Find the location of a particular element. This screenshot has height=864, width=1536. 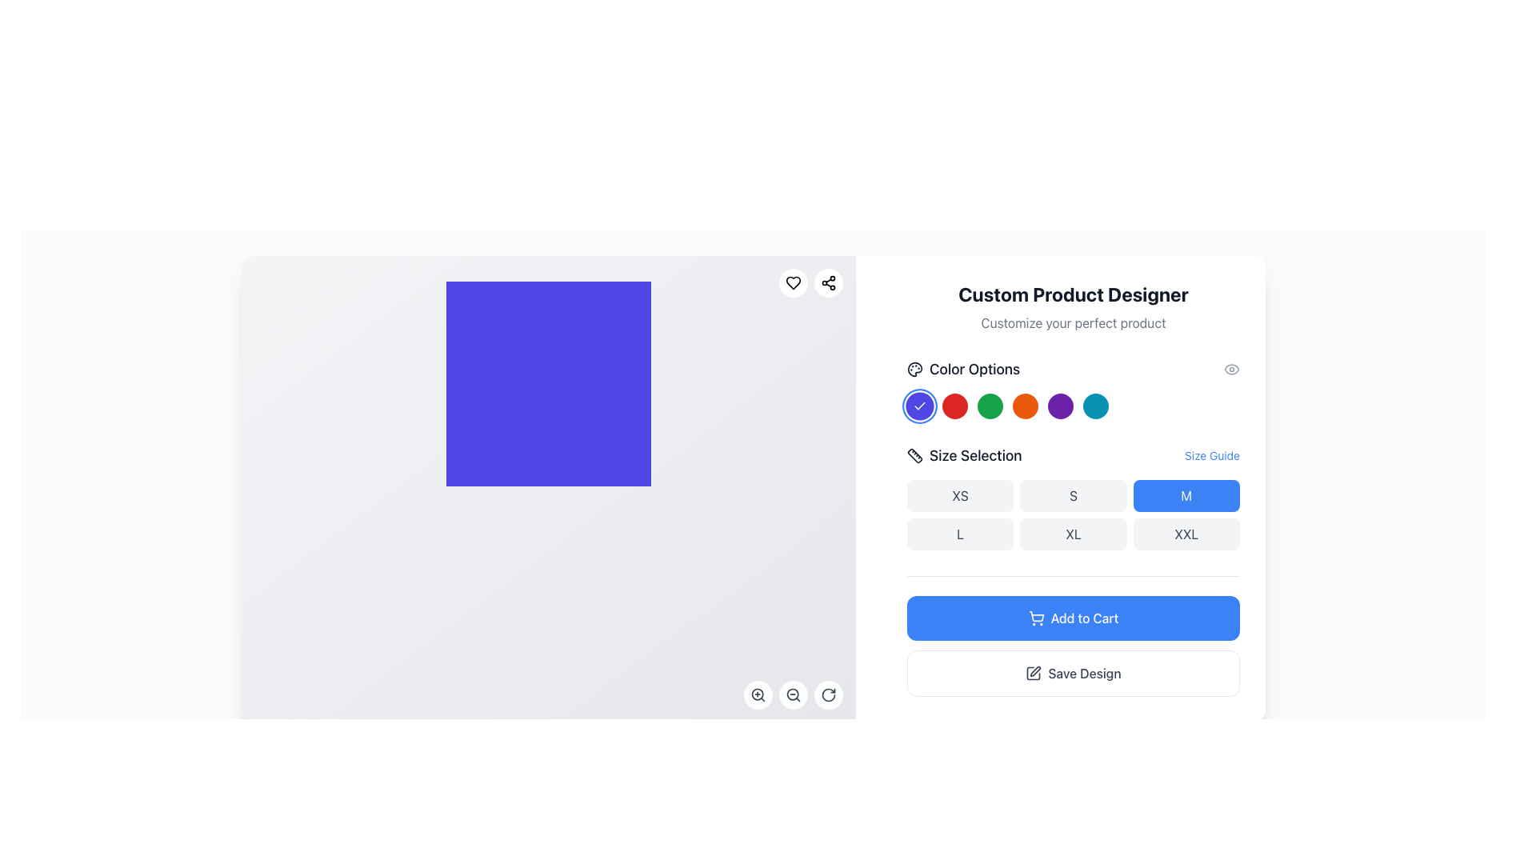

keyboard navigation is located at coordinates (794, 694).